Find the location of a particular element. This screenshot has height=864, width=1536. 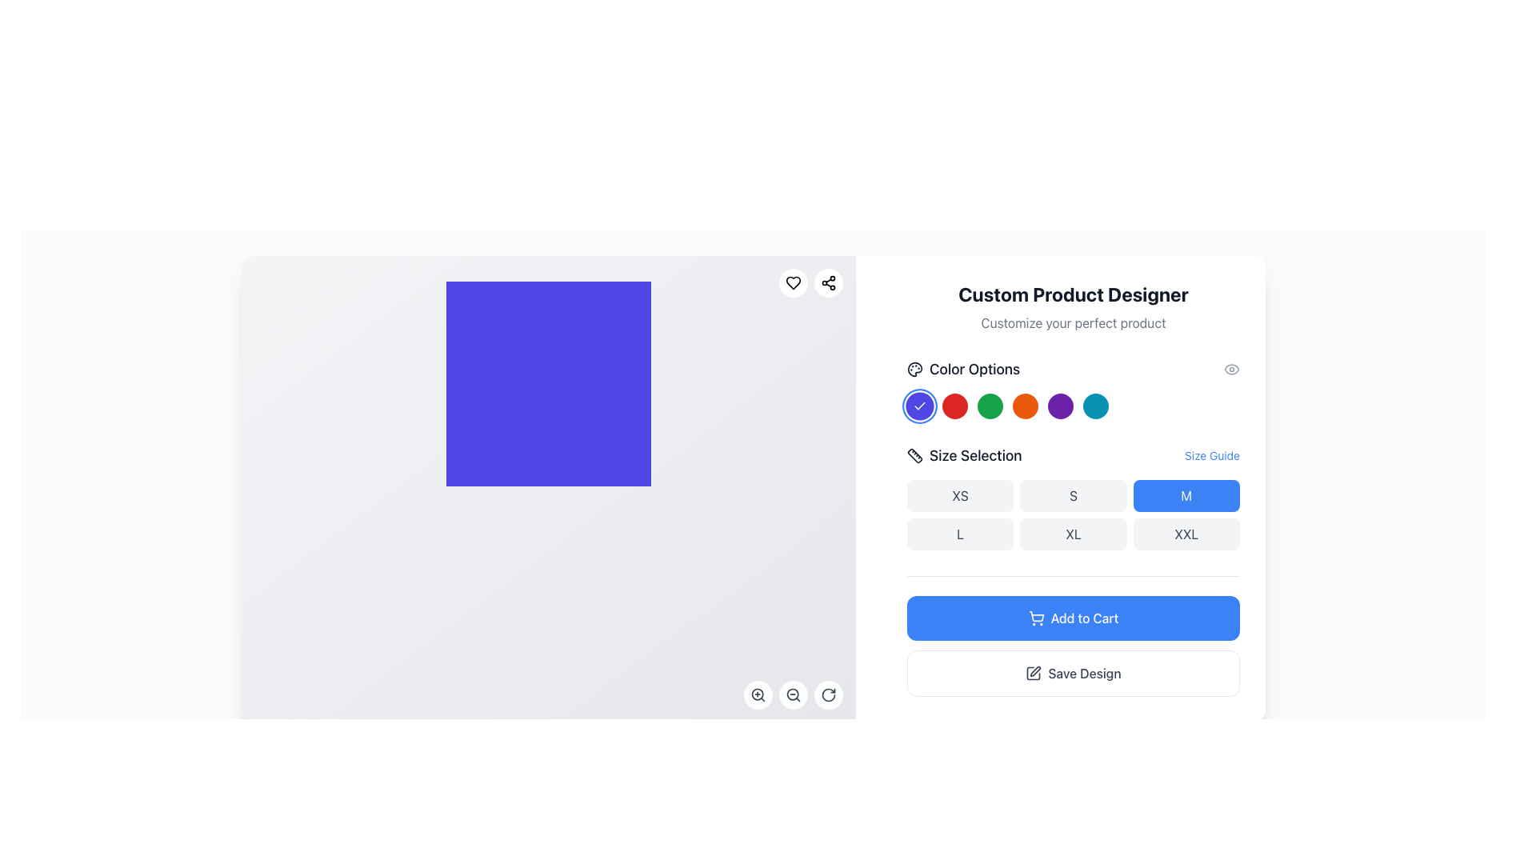

keyboard navigation is located at coordinates (794, 694).